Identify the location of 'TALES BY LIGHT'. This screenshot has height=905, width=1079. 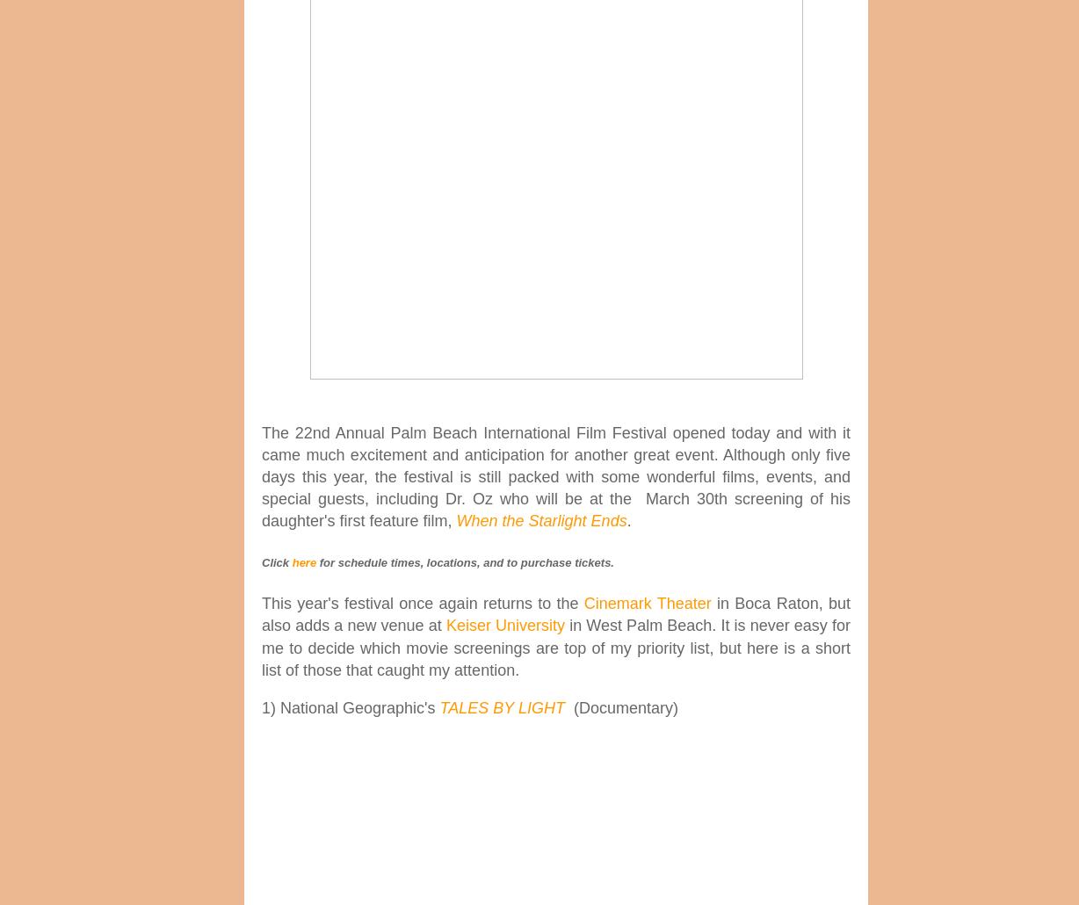
(501, 706).